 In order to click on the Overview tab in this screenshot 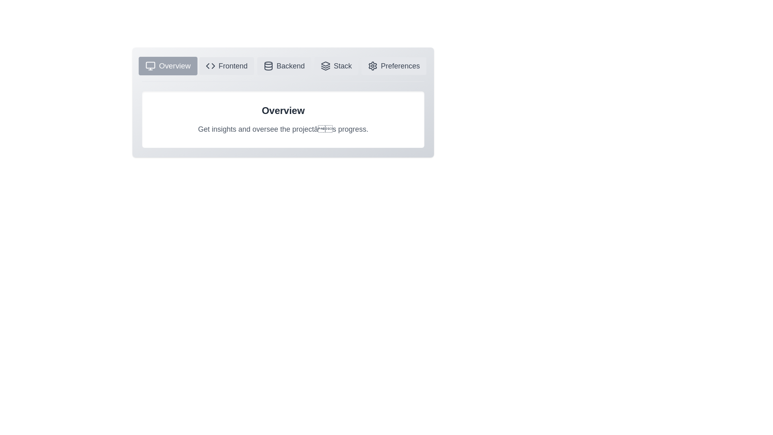, I will do `click(167, 66)`.